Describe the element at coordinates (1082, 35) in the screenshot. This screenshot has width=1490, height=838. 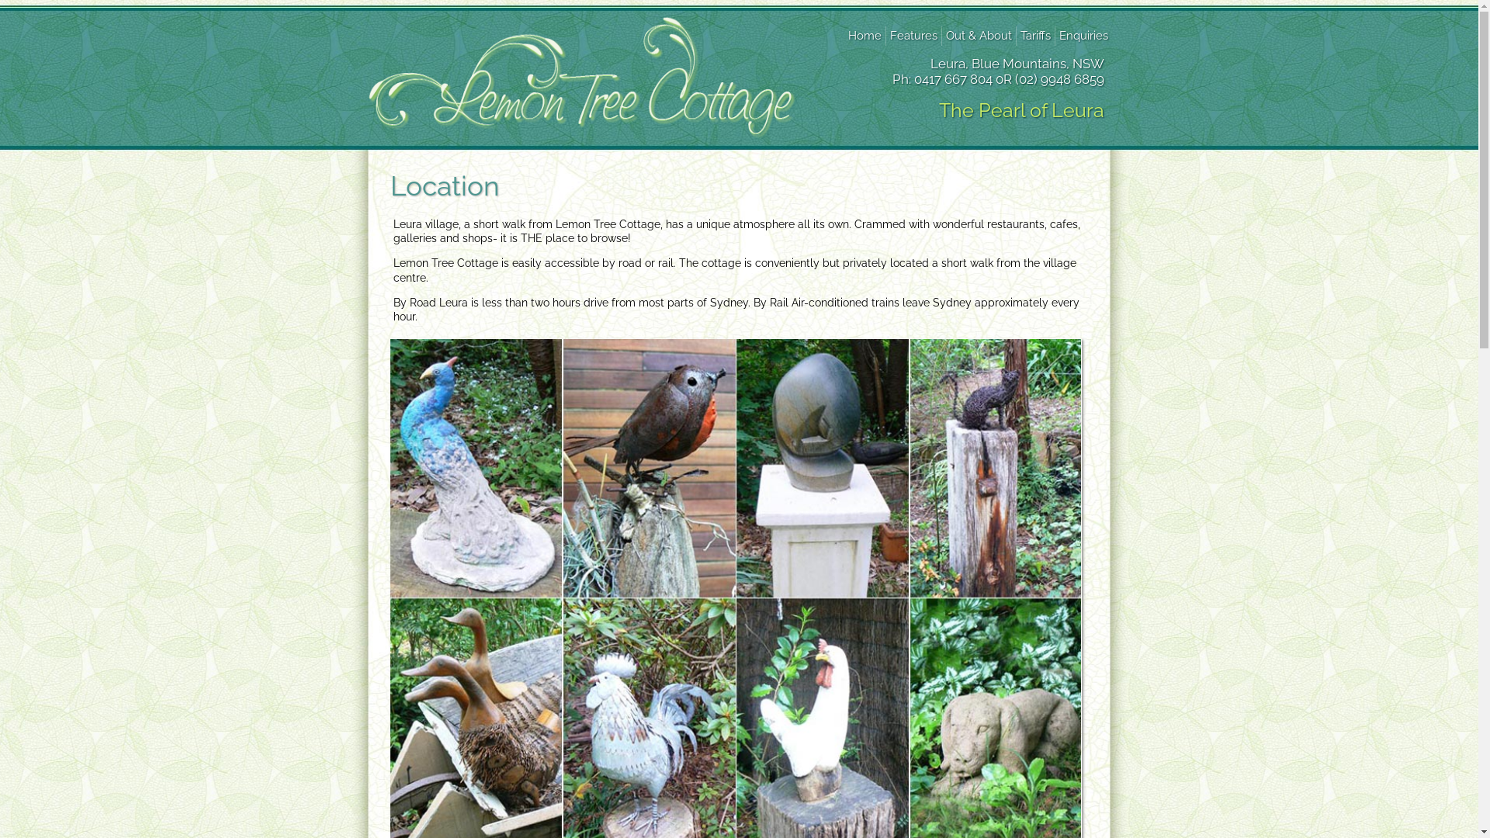
I see `'Enquiries'` at that location.